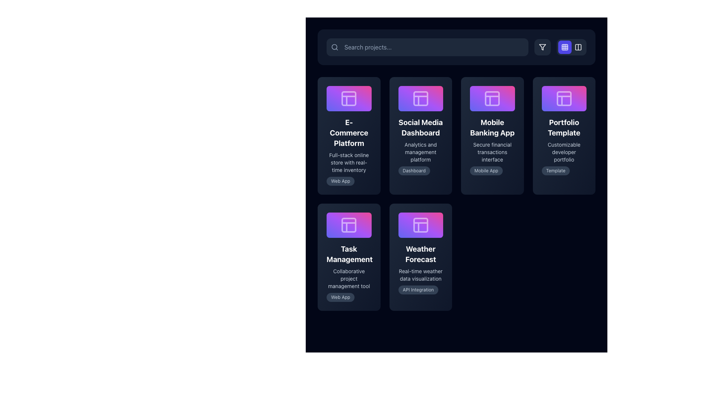  Describe the element at coordinates (564, 98) in the screenshot. I see `the rectangular card with rounded corners featuring a gradient background of purple, pink, and indigo, containing a semi-transparent white outlined layout icon, located in the top right quadrant above the text 'Portfolio Template'` at that location.